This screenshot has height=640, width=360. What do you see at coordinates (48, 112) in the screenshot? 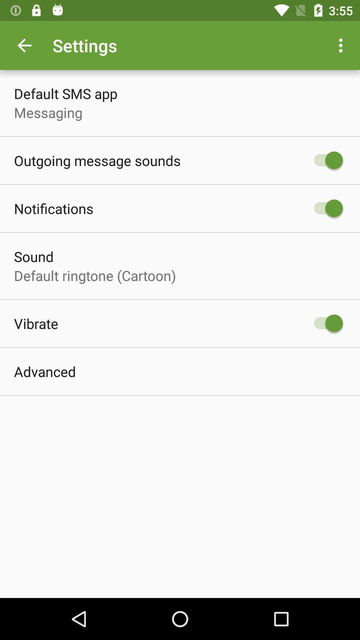
I see `messaging item` at bounding box center [48, 112].